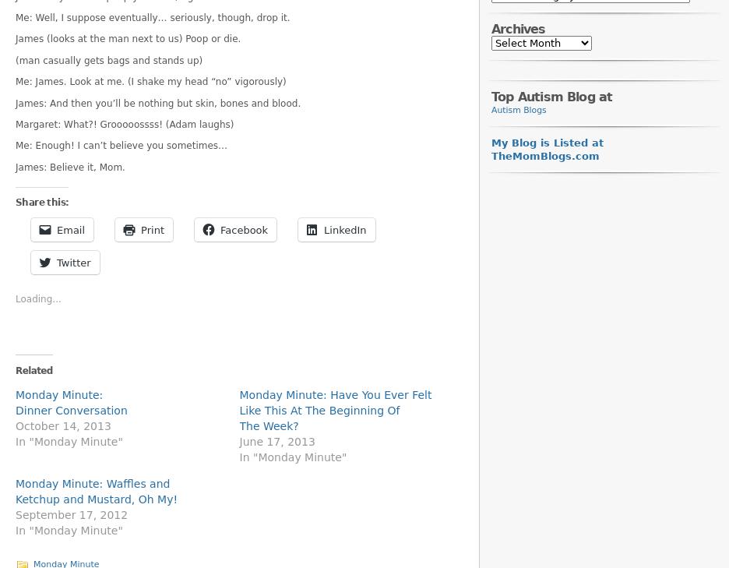 This screenshot has height=568, width=729. What do you see at coordinates (490, 142) in the screenshot?
I see `'My Blog is Listed at'` at bounding box center [490, 142].